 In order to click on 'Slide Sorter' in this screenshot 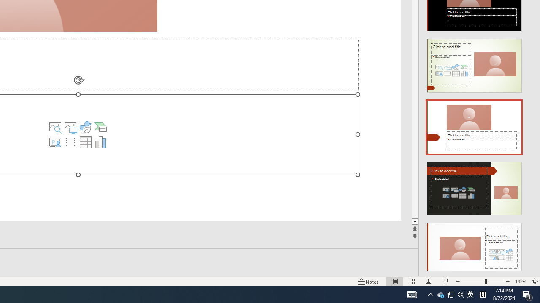, I will do `click(412, 282)`.